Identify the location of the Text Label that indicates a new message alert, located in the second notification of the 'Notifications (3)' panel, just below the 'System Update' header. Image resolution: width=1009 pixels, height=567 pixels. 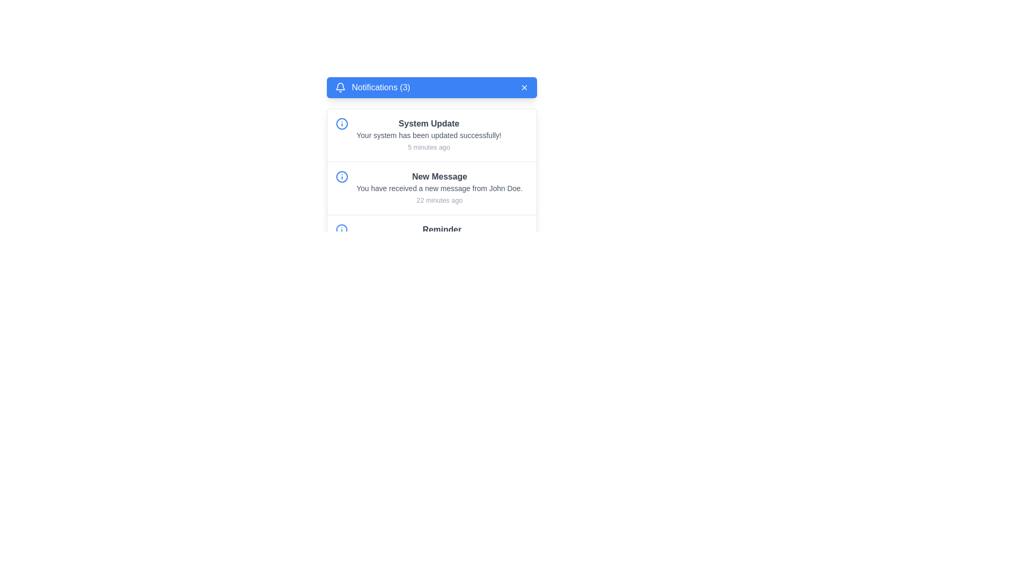
(439, 176).